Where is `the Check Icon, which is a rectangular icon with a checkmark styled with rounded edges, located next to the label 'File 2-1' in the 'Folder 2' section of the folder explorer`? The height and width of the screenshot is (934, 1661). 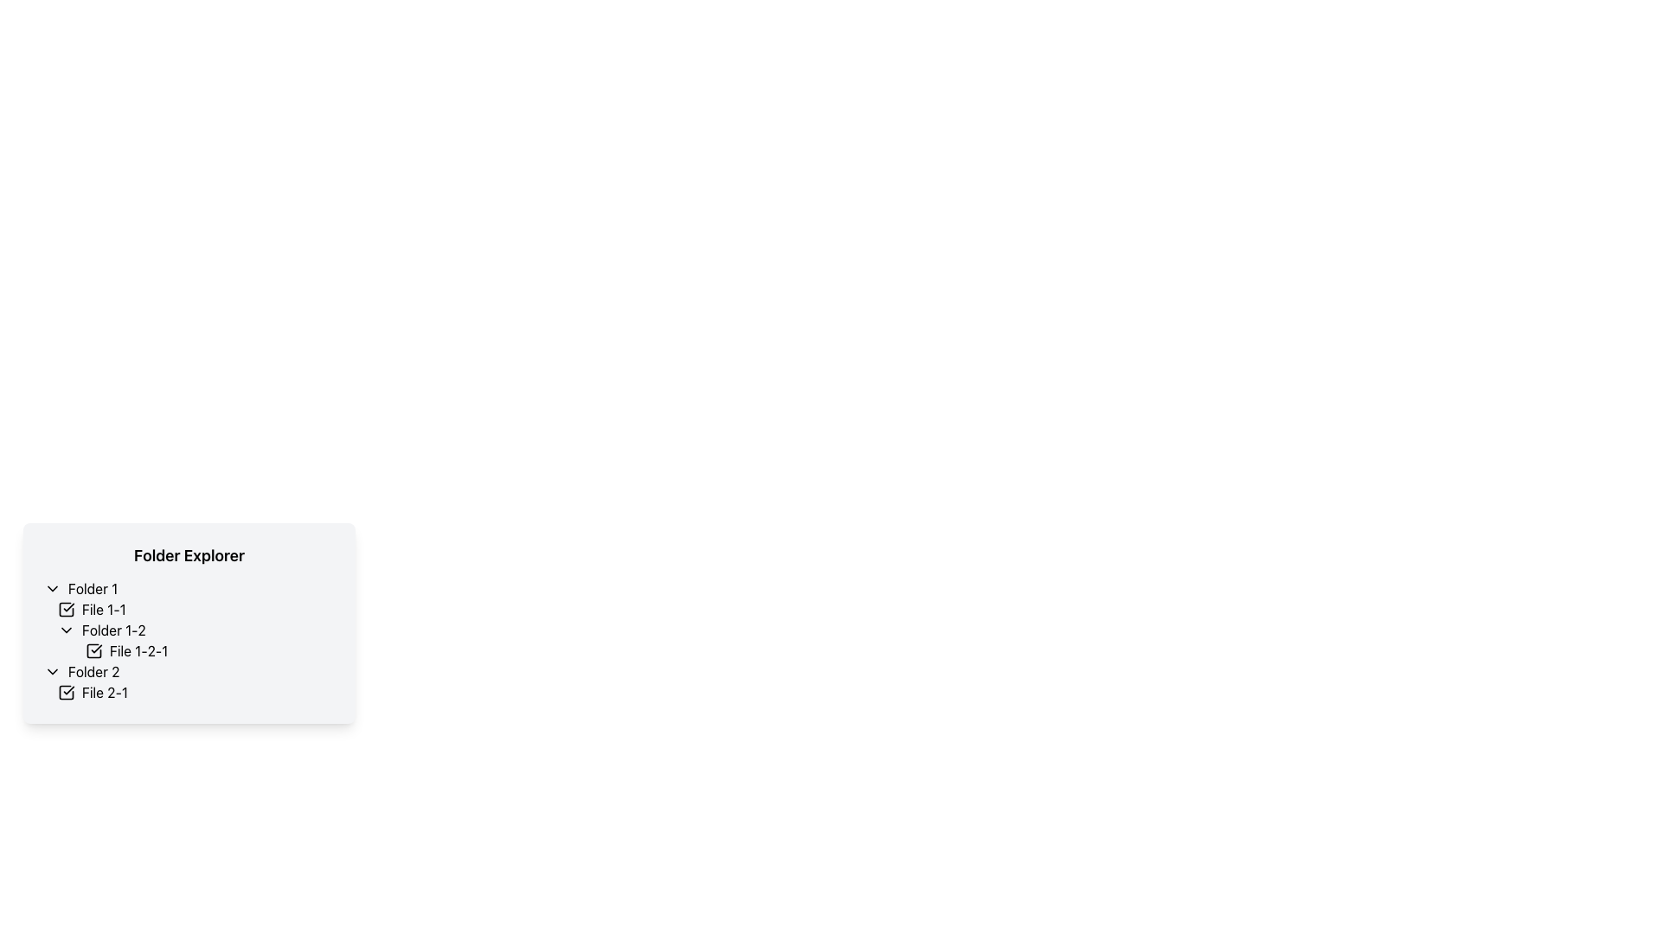 the Check Icon, which is a rectangular icon with a checkmark styled with rounded edges, located next to the label 'File 2-1' in the 'Folder 2' section of the folder explorer is located at coordinates (66, 692).